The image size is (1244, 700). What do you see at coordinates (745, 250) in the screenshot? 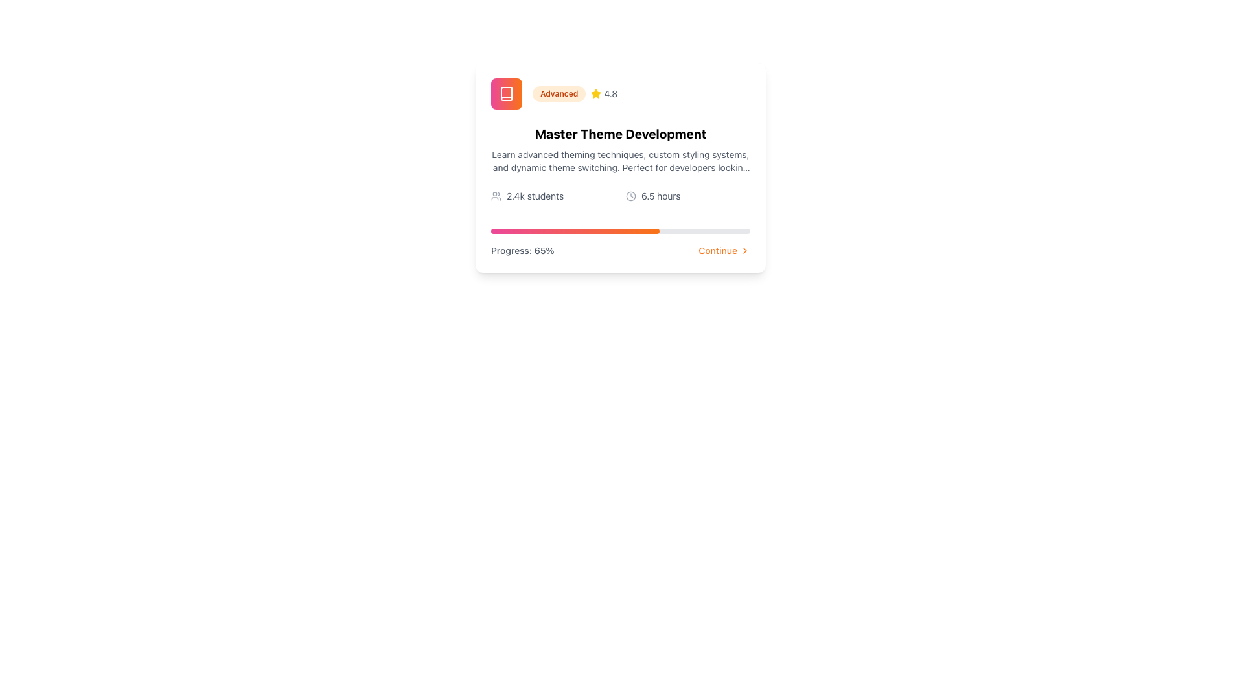
I see `the icon located to the right of the 'Continue' text label` at bounding box center [745, 250].